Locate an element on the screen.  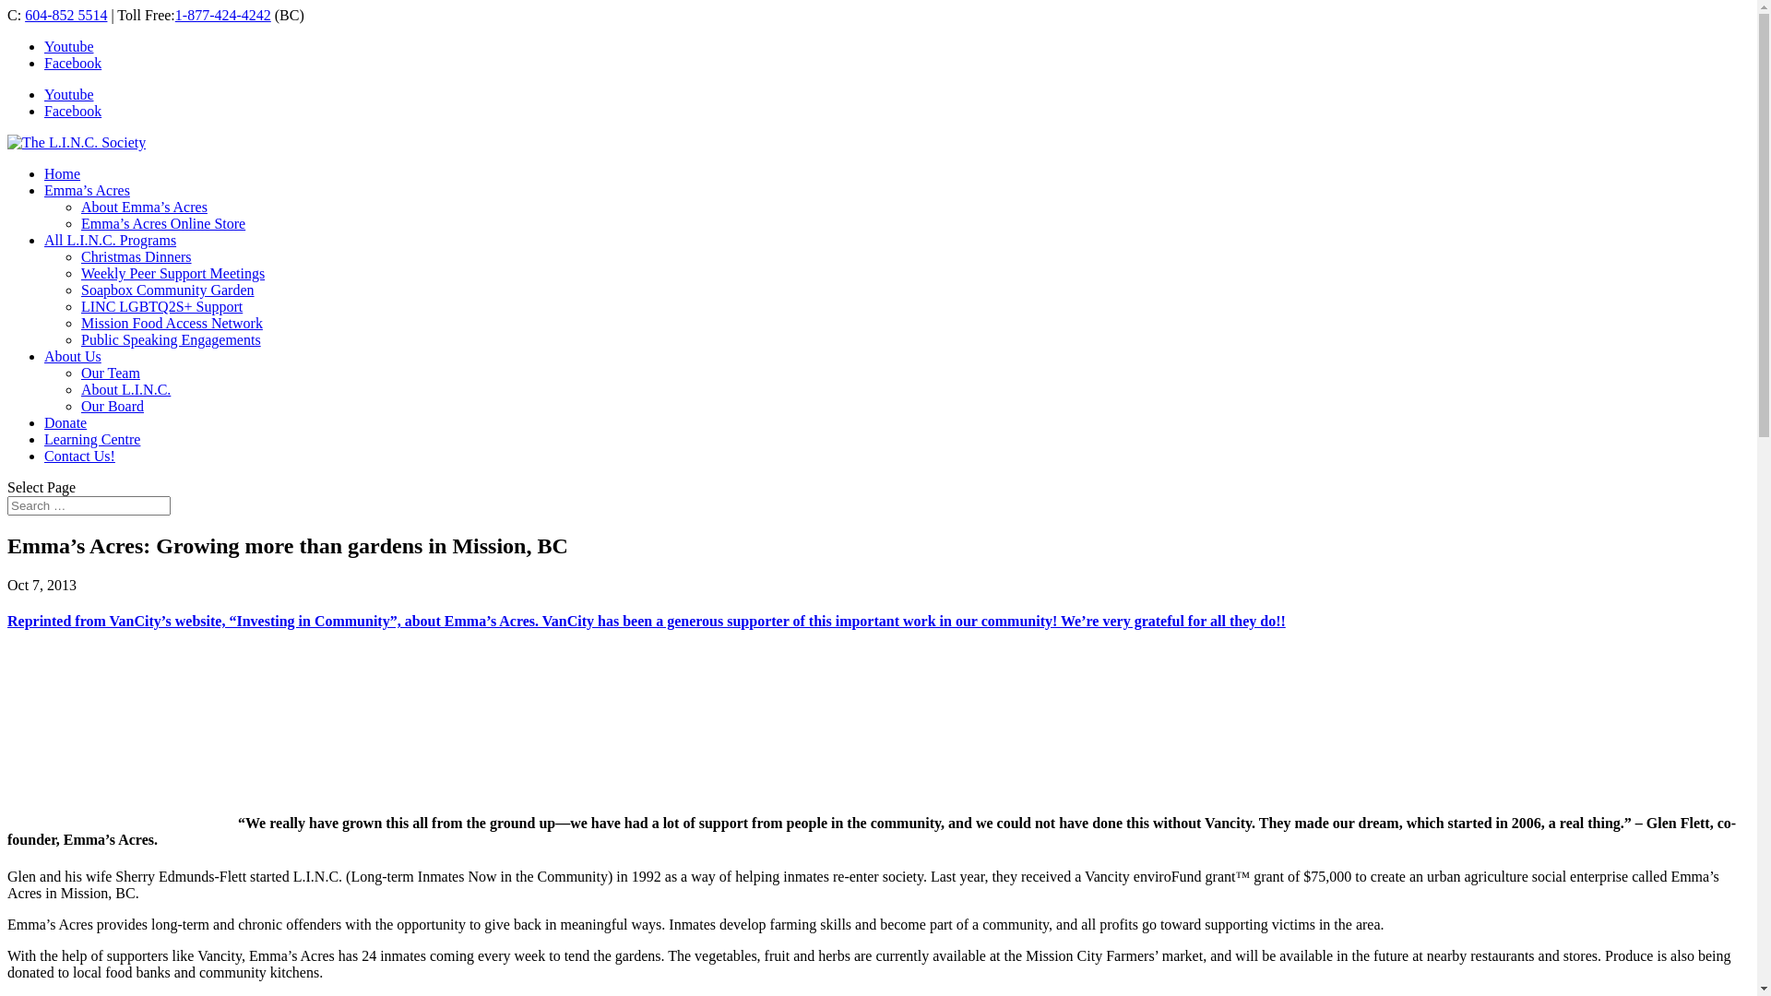
'About Us' is located at coordinates (72, 356).